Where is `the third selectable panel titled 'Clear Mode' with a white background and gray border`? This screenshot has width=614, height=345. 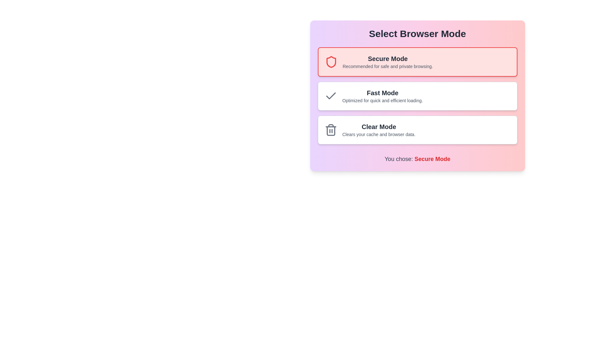 the third selectable panel titled 'Clear Mode' with a white background and gray border is located at coordinates (417, 130).